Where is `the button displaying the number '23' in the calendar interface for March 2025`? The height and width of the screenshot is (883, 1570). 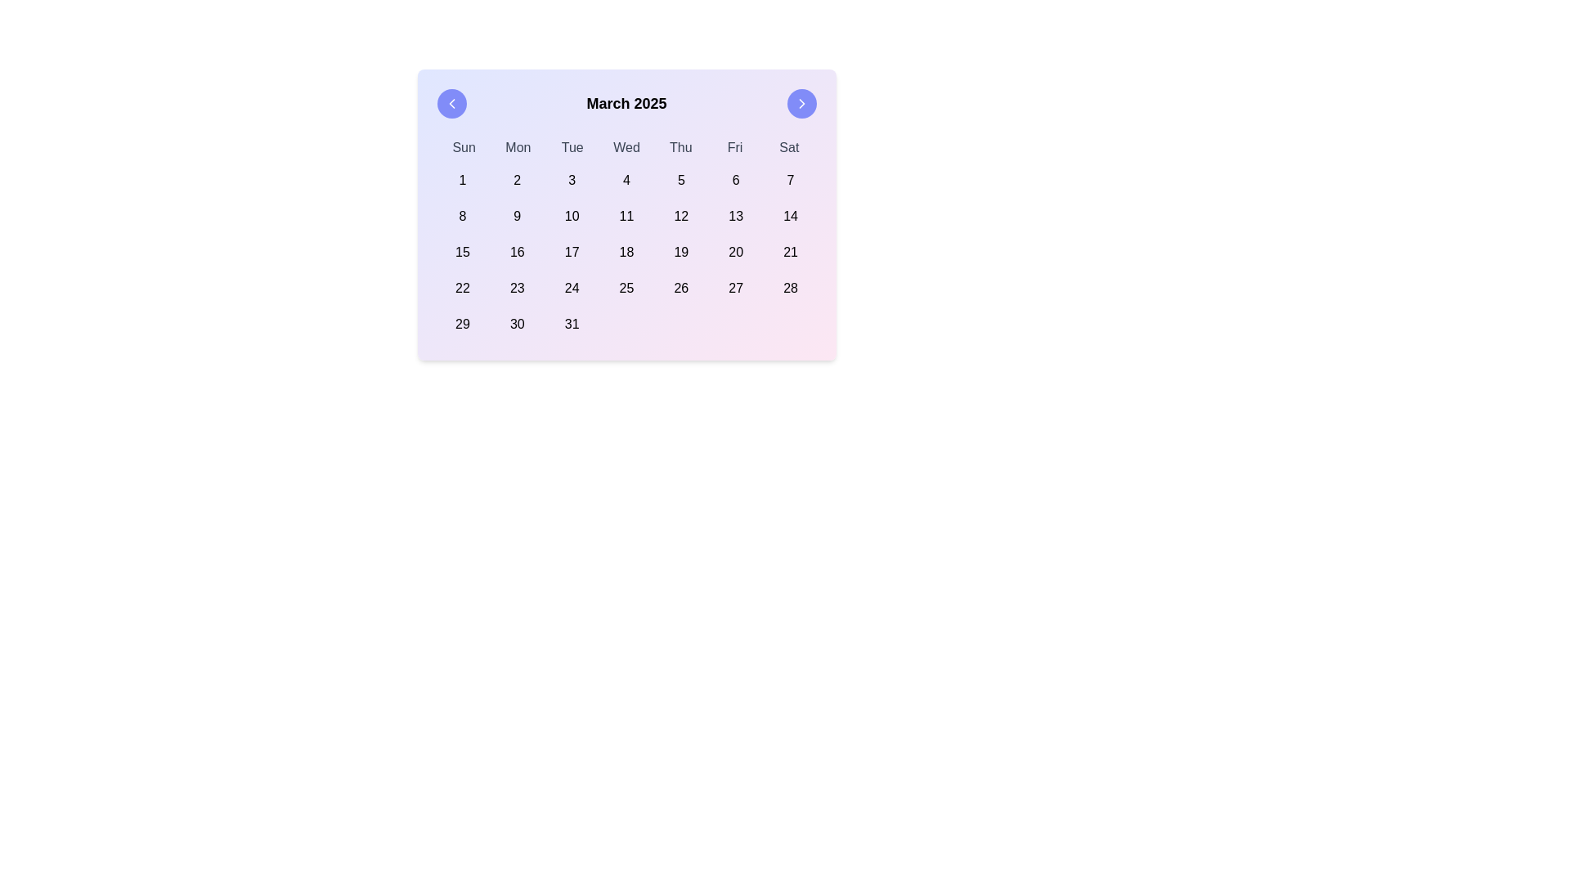 the button displaying the number '23' in the calendar interface for March 2025 is located at coordinates (516, 288).